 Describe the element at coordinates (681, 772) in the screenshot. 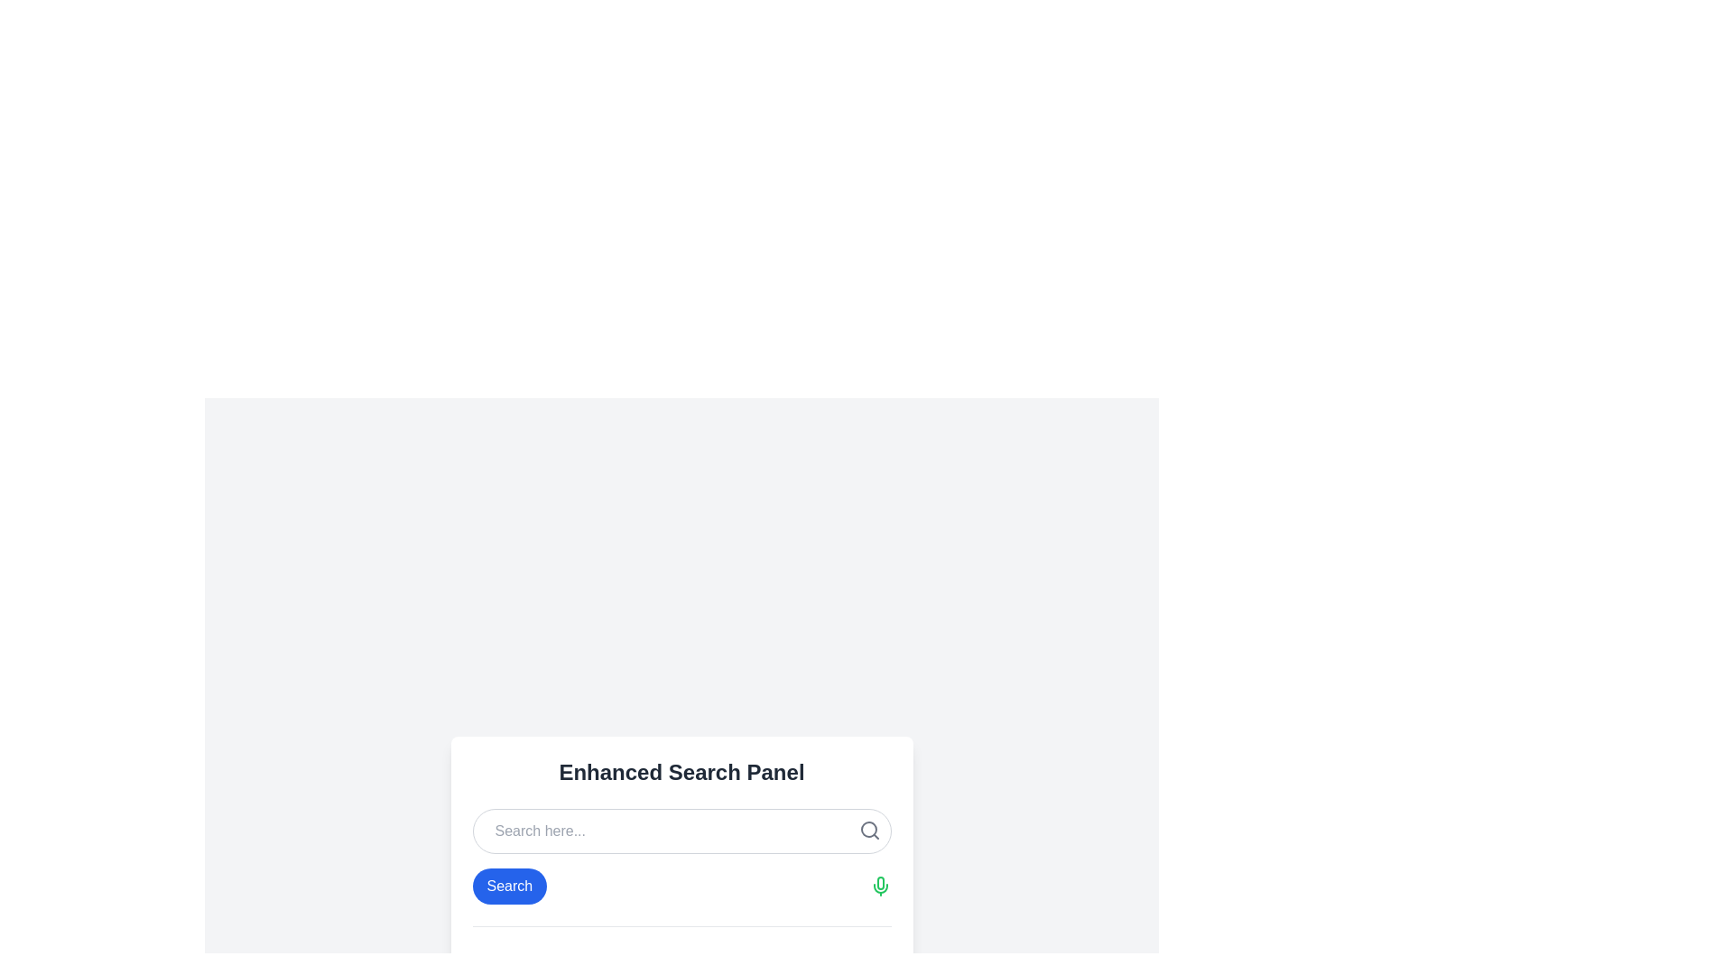

I see `the Text Label (Header) that serves as a descriptive title for the panel below it, indicating the functionality of the section it represents` at that location.